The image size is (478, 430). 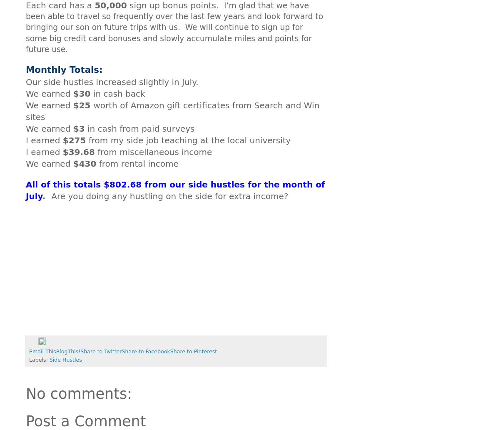 What do you see at coordinates (55, 351) in the screenshot?
I see `'BlogThis!'` at bounding box center [55, 351].